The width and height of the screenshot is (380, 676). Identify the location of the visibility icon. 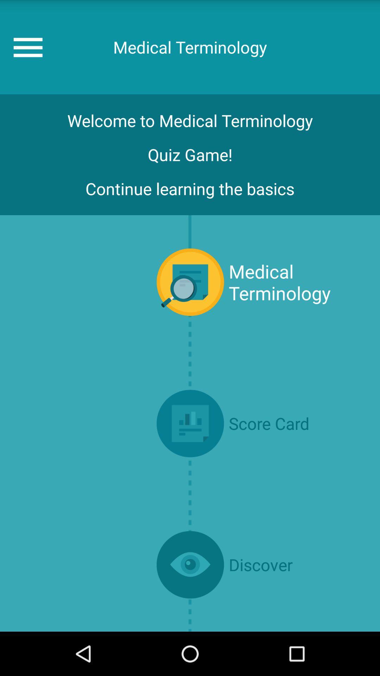
(190, 604).